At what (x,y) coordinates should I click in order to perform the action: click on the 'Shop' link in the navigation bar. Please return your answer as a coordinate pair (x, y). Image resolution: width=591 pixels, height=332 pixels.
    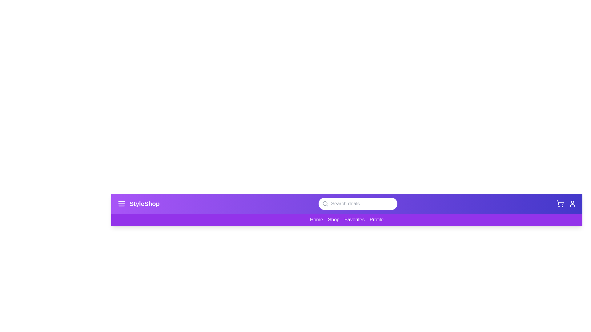
    Looking at the image, I should click on (333, 219).